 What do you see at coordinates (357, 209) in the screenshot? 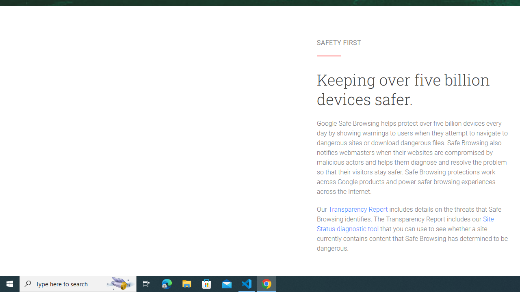
I see `'Transparency Report'` at bounding box center [357, 209].